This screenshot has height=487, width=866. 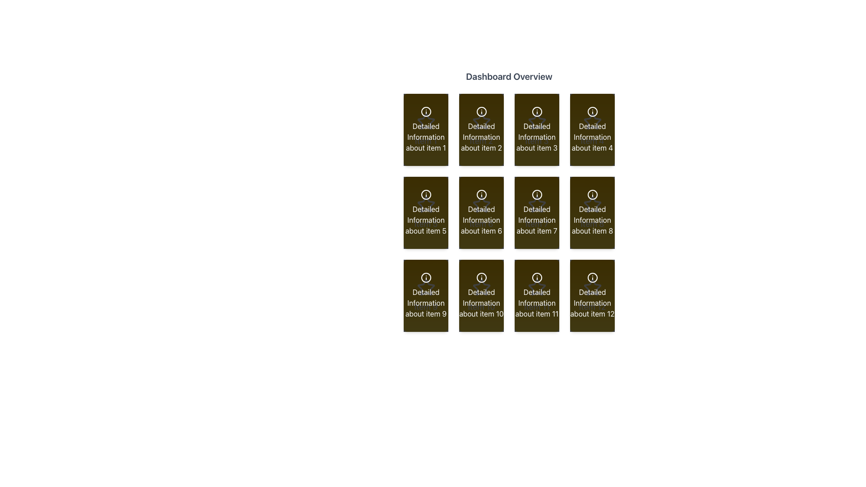 I want to click on the Informational Card that provides details about item 4, located in the top-right corner of the grid layout, so click(x=592, y=130).